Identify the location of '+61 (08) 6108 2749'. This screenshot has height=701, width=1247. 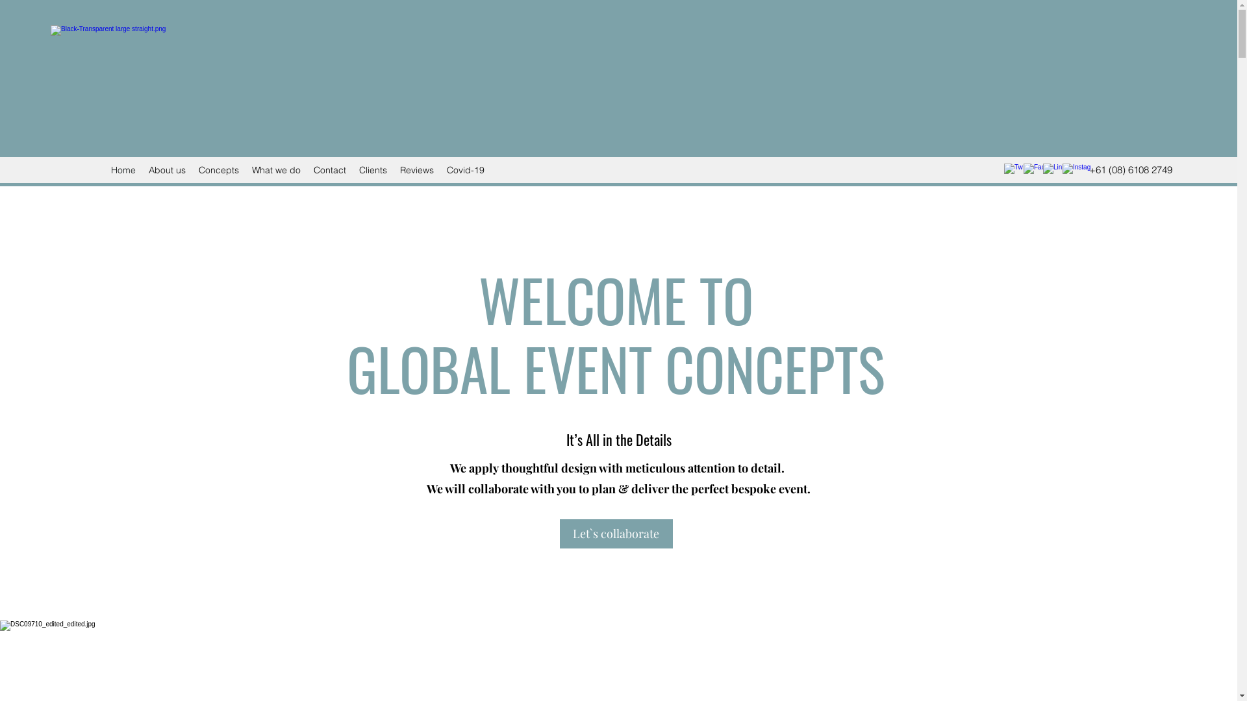
(1130, 169).